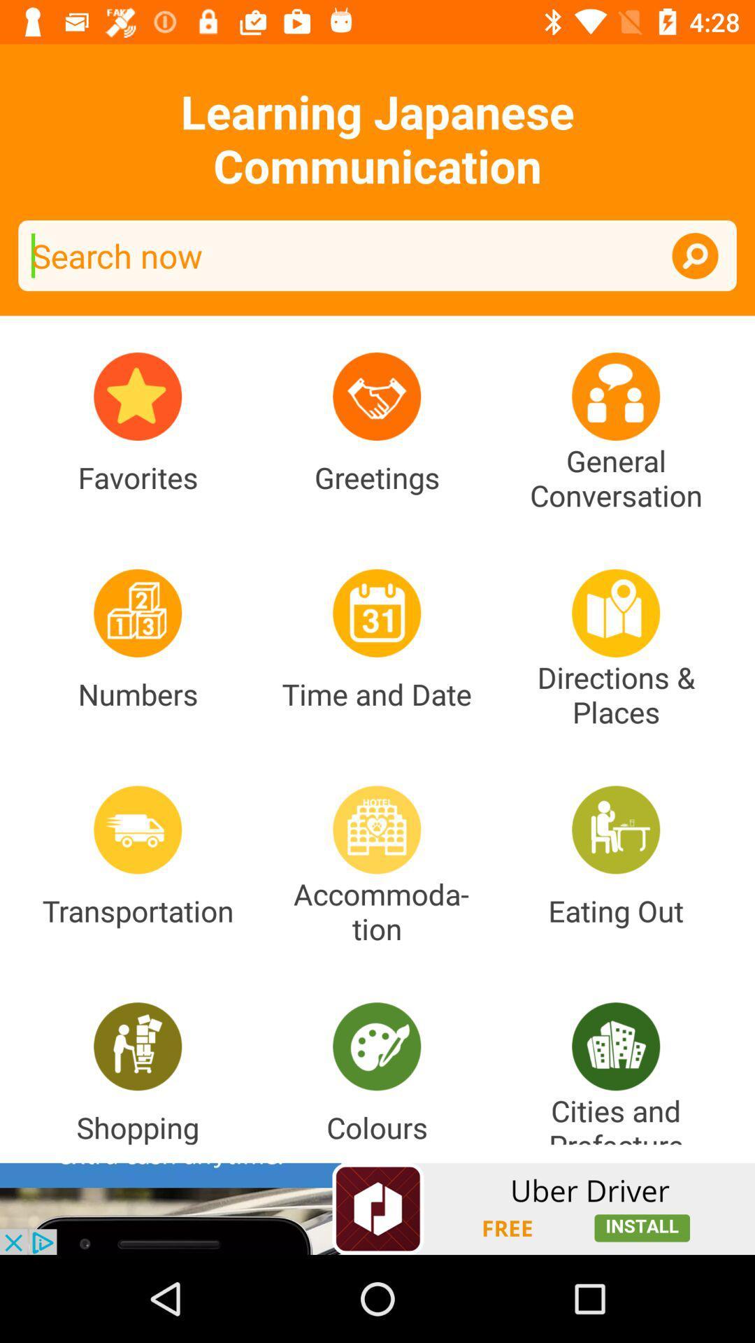 The width and height of the screenshot is (755, 1343). I want to click on advertisement, so click(377, 1208).